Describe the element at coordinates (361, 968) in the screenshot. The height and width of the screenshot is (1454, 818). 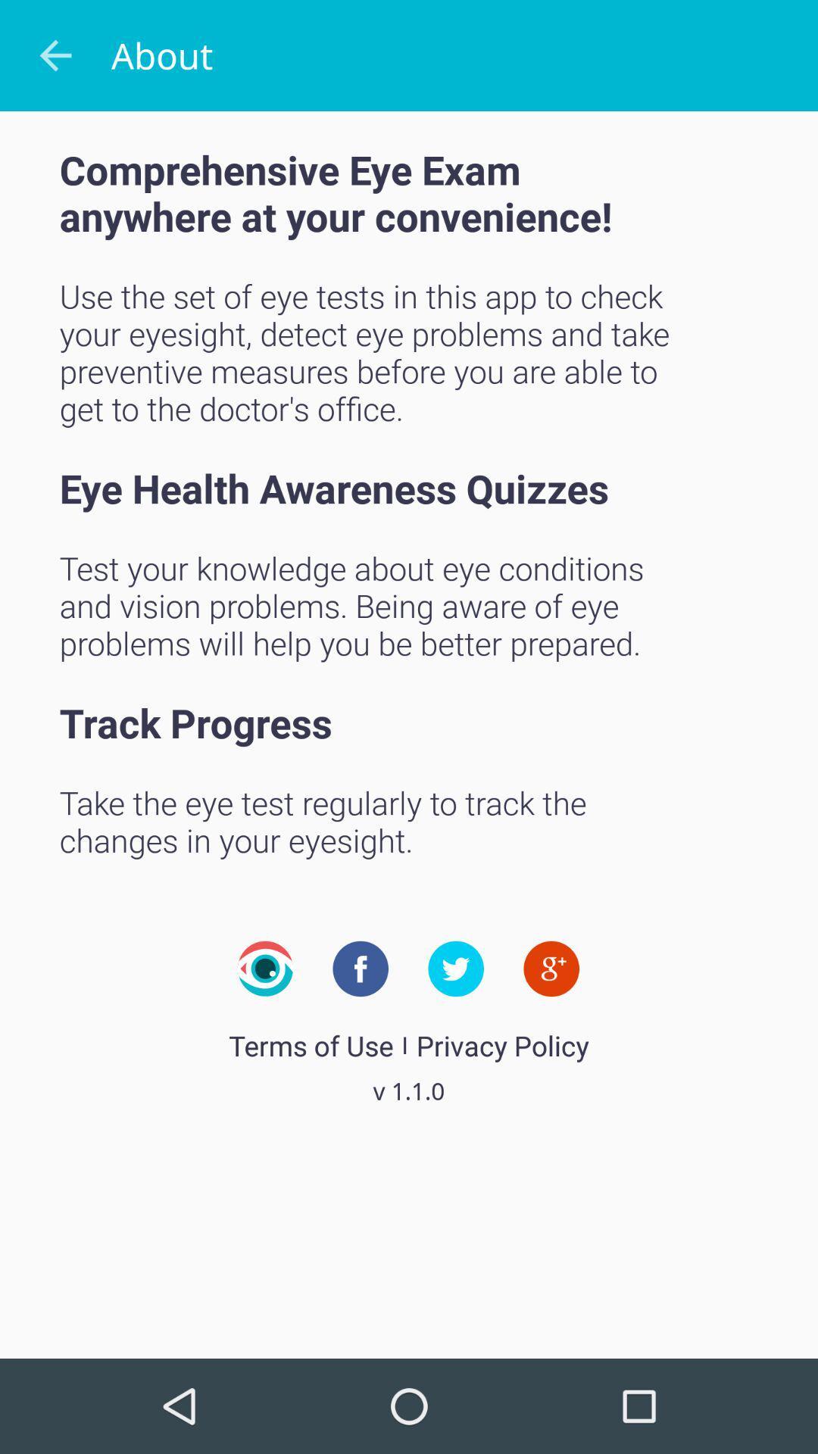
I see `facebook link` at that location.